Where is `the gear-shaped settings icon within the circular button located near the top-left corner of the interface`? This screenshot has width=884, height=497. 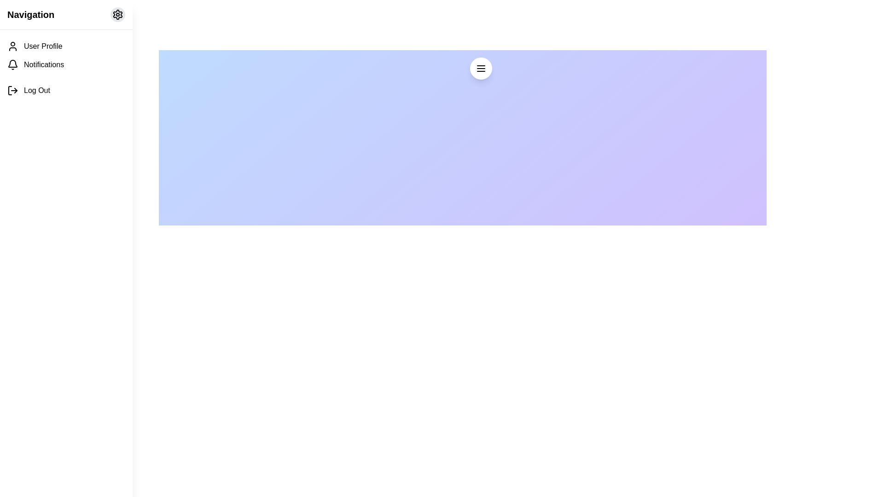
the gear-shaped settings icon within the circular button located near the top-left corner of the interface is located at coordinates (117, 14).